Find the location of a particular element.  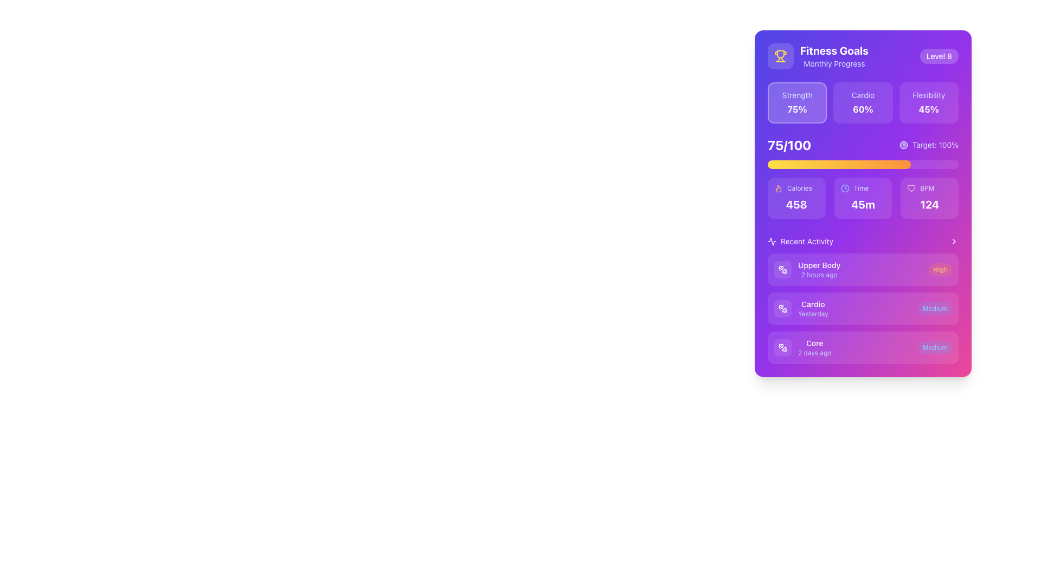

the heart-shaped icon representing a metric, styled in pink, located near the 'BPM 124' label on the interface is located at coordinates (911, 187).